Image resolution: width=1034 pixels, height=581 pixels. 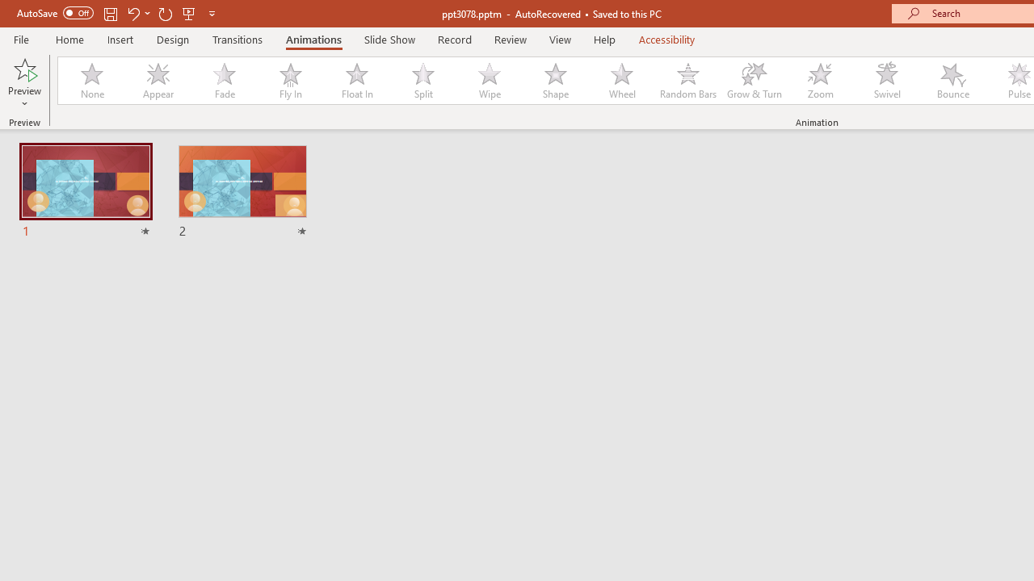 I want to click on 'Bounce', so click(x=953, y=81).